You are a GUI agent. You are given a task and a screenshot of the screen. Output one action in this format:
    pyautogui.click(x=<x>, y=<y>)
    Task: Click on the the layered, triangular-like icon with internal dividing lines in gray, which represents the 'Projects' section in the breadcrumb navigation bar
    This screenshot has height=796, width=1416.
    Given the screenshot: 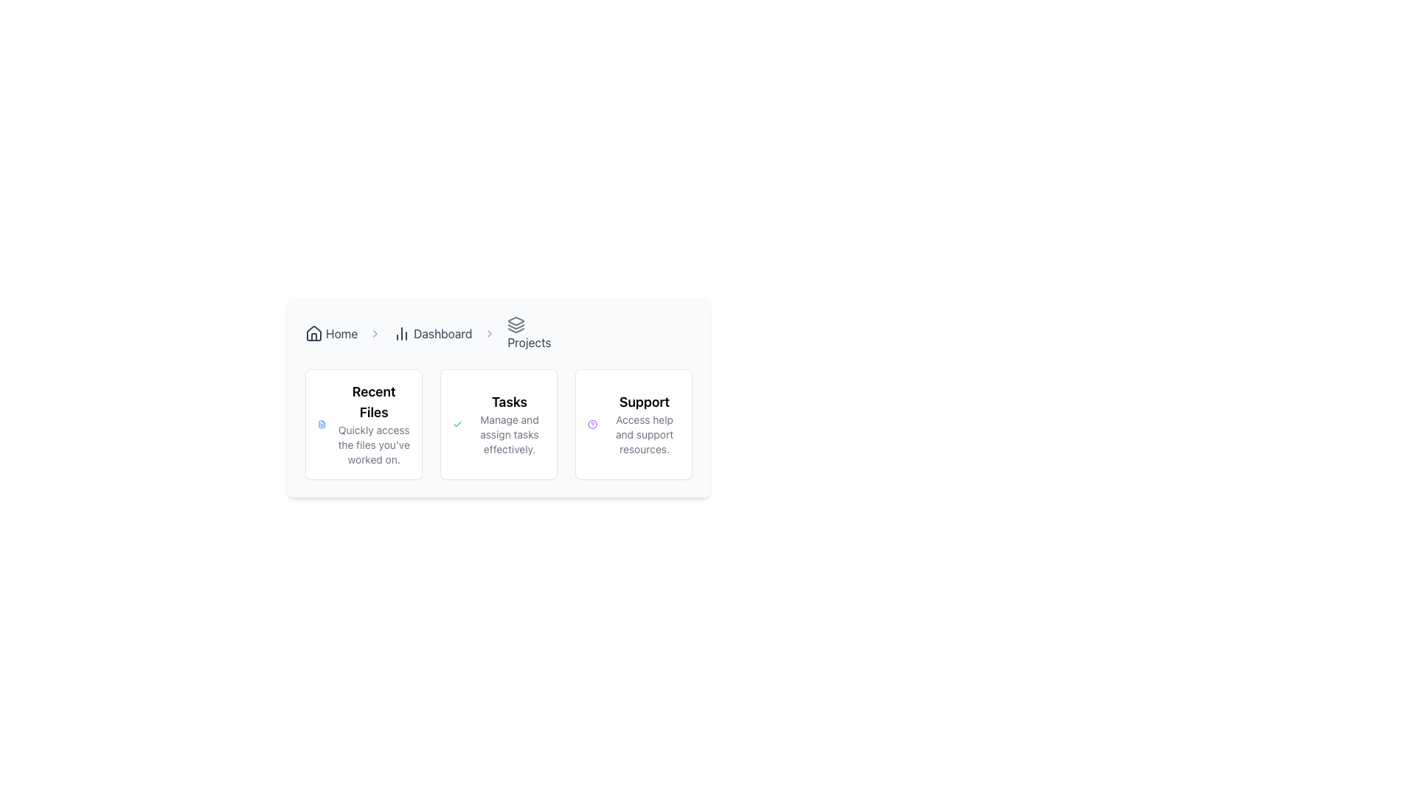 What is the action you would take?
    pyautogui.click(x=516, y=320)
    